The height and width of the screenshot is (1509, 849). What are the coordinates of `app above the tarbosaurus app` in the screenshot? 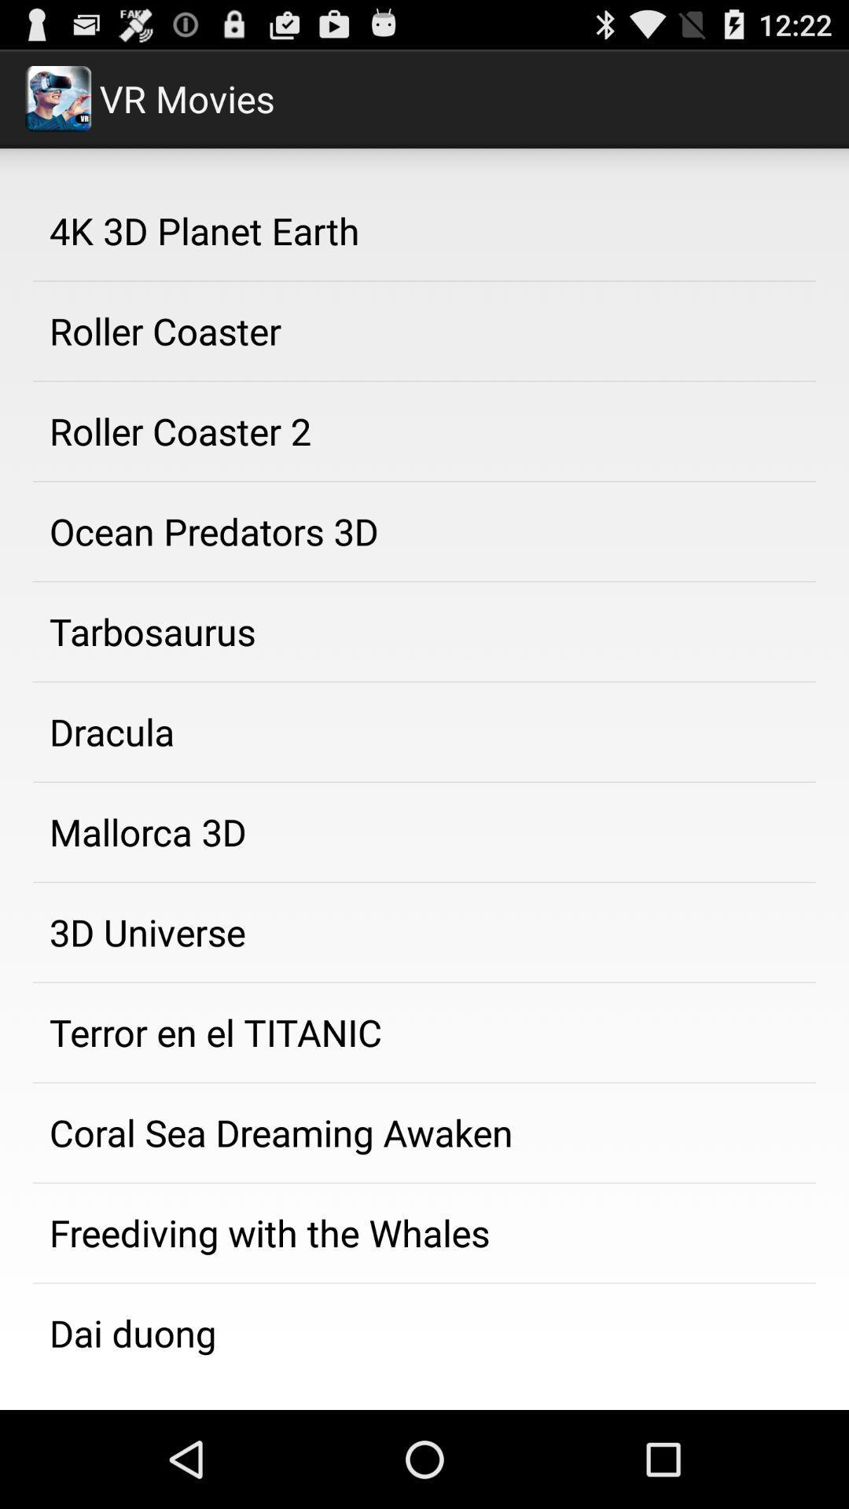 It's located at (424, 531).